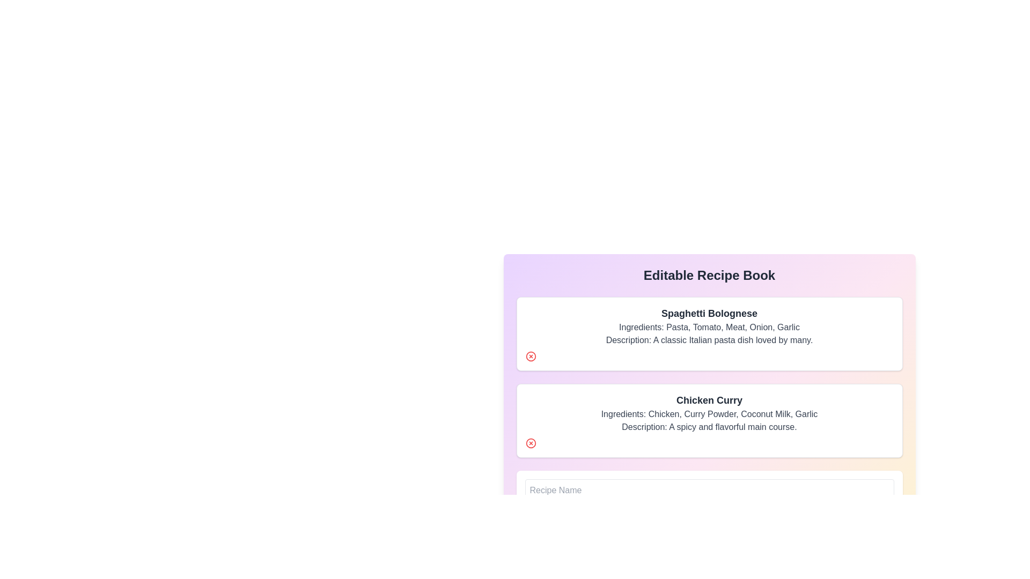  I want to click on title of the recipe 'Spaghetti Bolognese' from the text label positioned above the ingredients list and description text, so click(709, 314).